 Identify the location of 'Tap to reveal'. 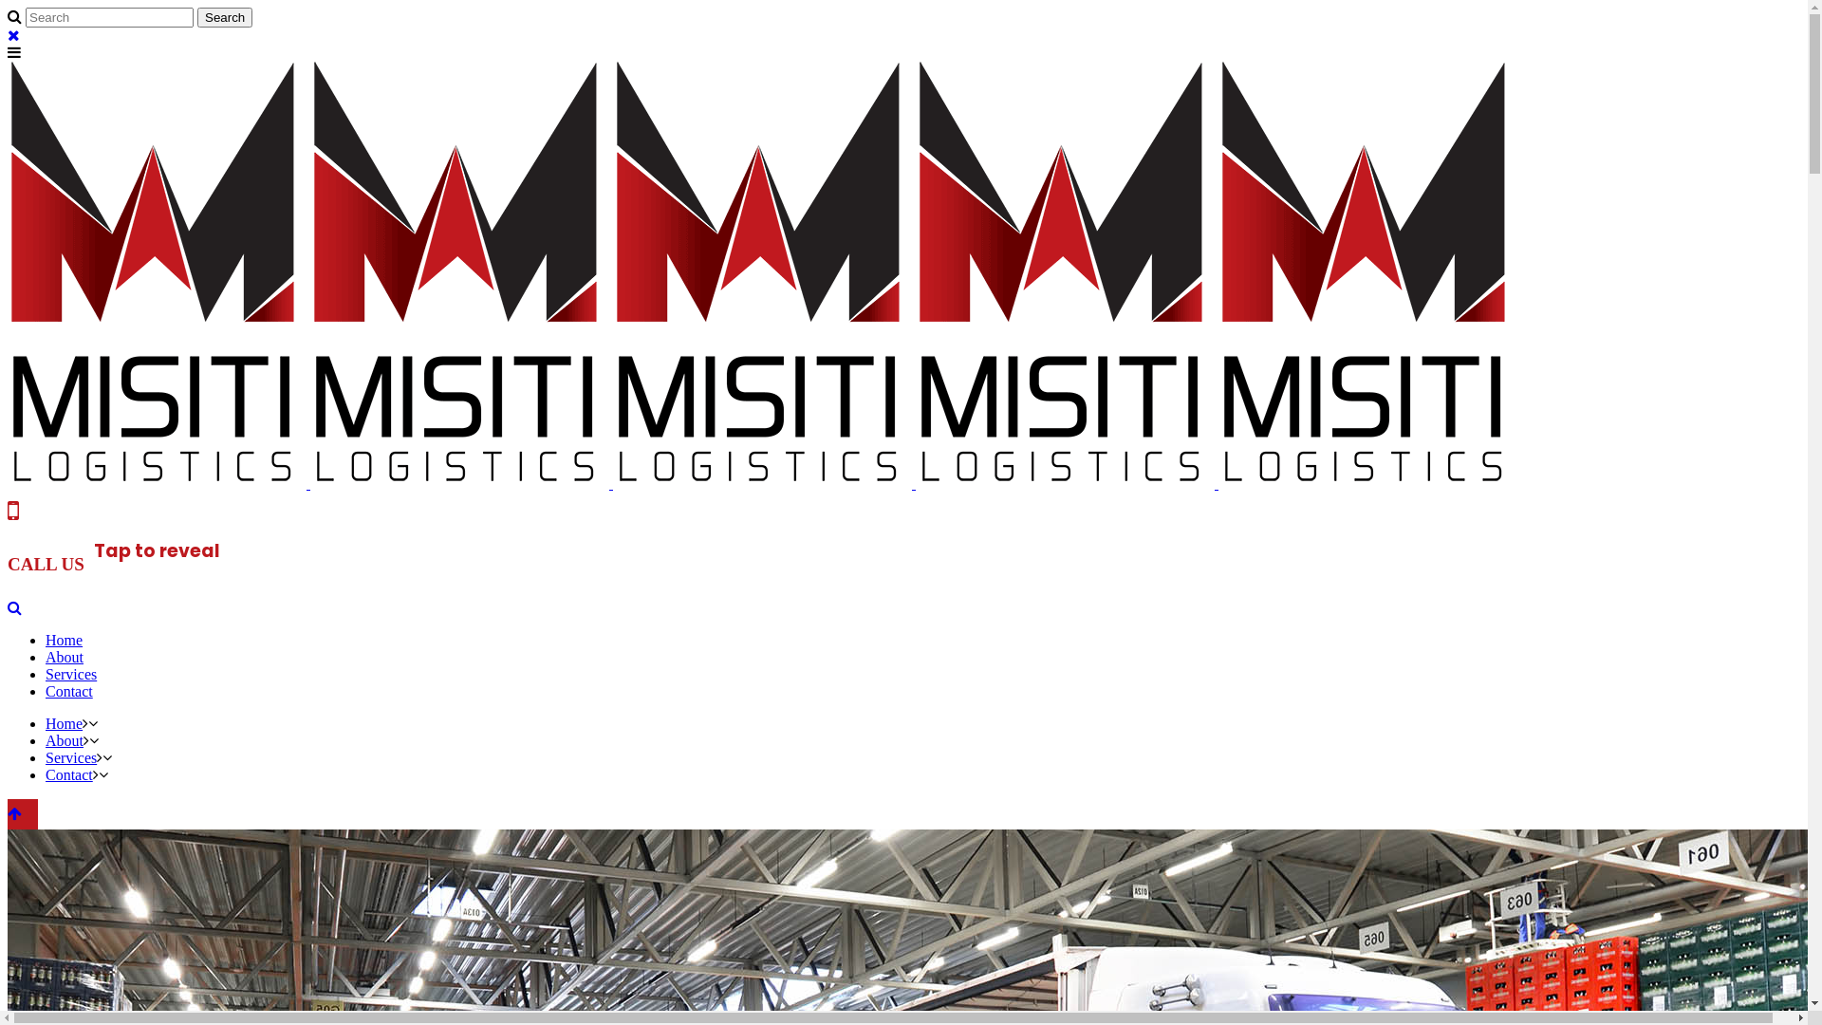
(157, 550).